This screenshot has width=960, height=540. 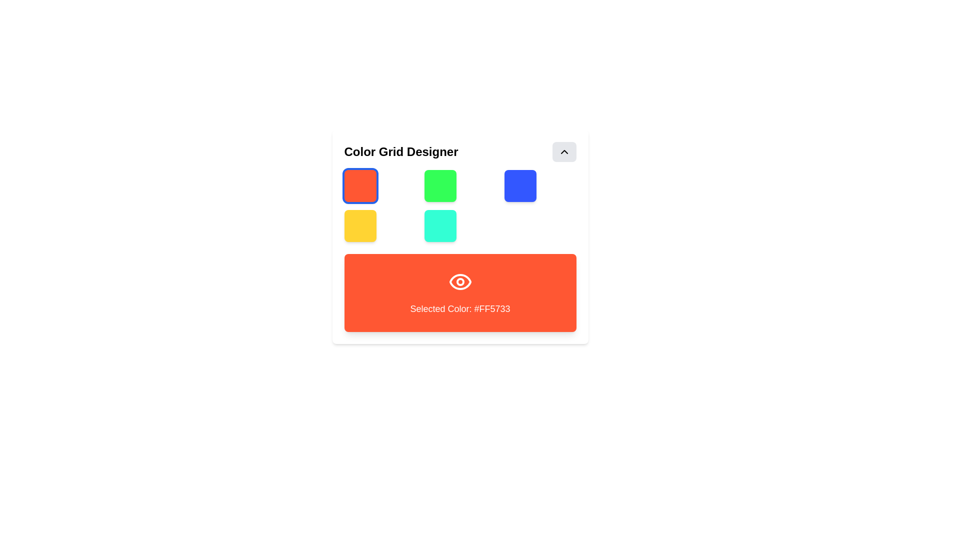 What do you see at coordinates (360, 225) in the screenshot?
I see `the fourth selectable color tile in a 3x2 grid` at bounding box center [360, 225].